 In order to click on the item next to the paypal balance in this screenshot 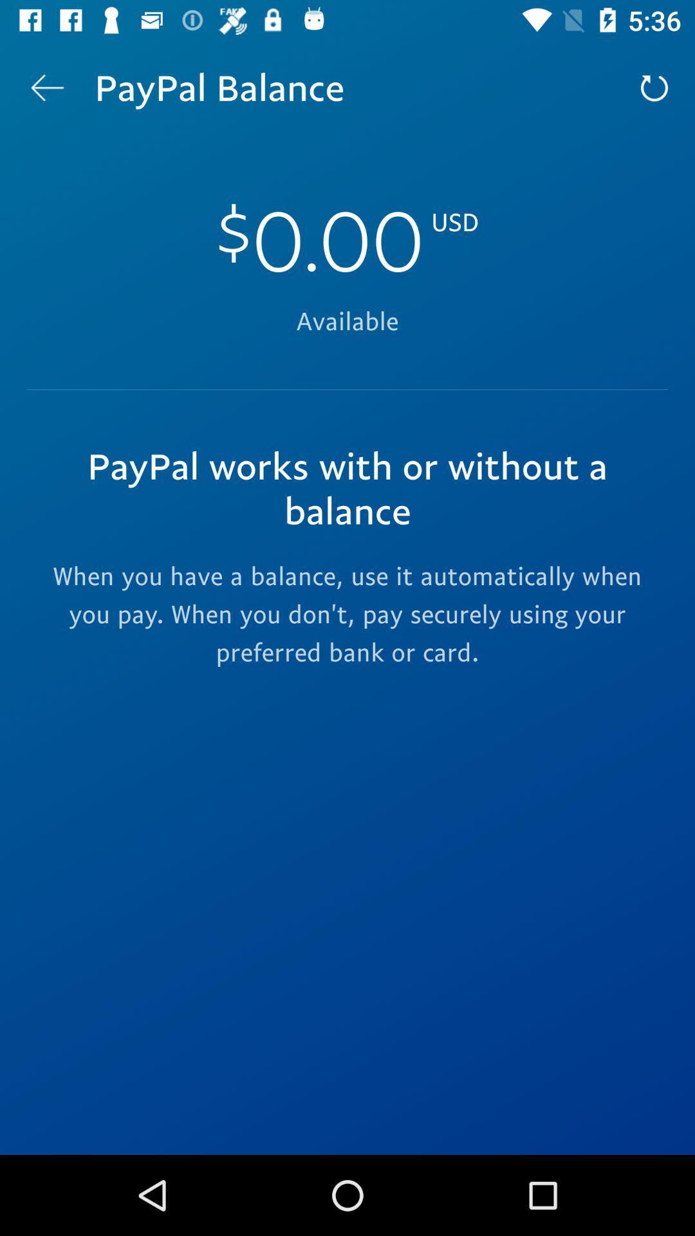, I will do `click(46, 87)`.